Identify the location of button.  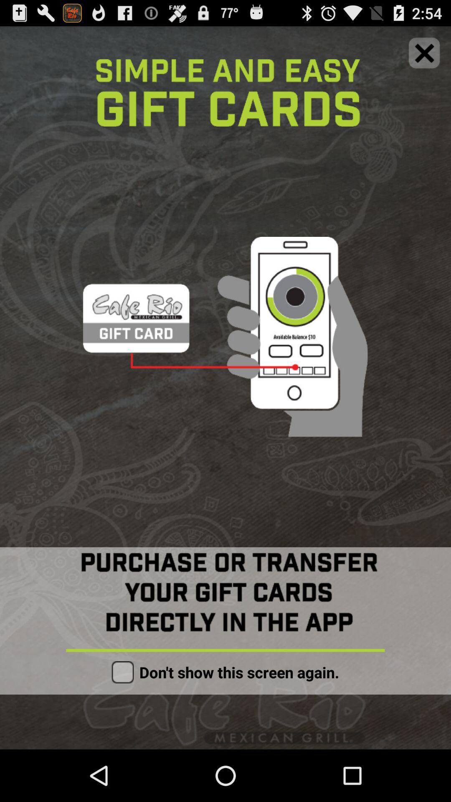
(122, 672).